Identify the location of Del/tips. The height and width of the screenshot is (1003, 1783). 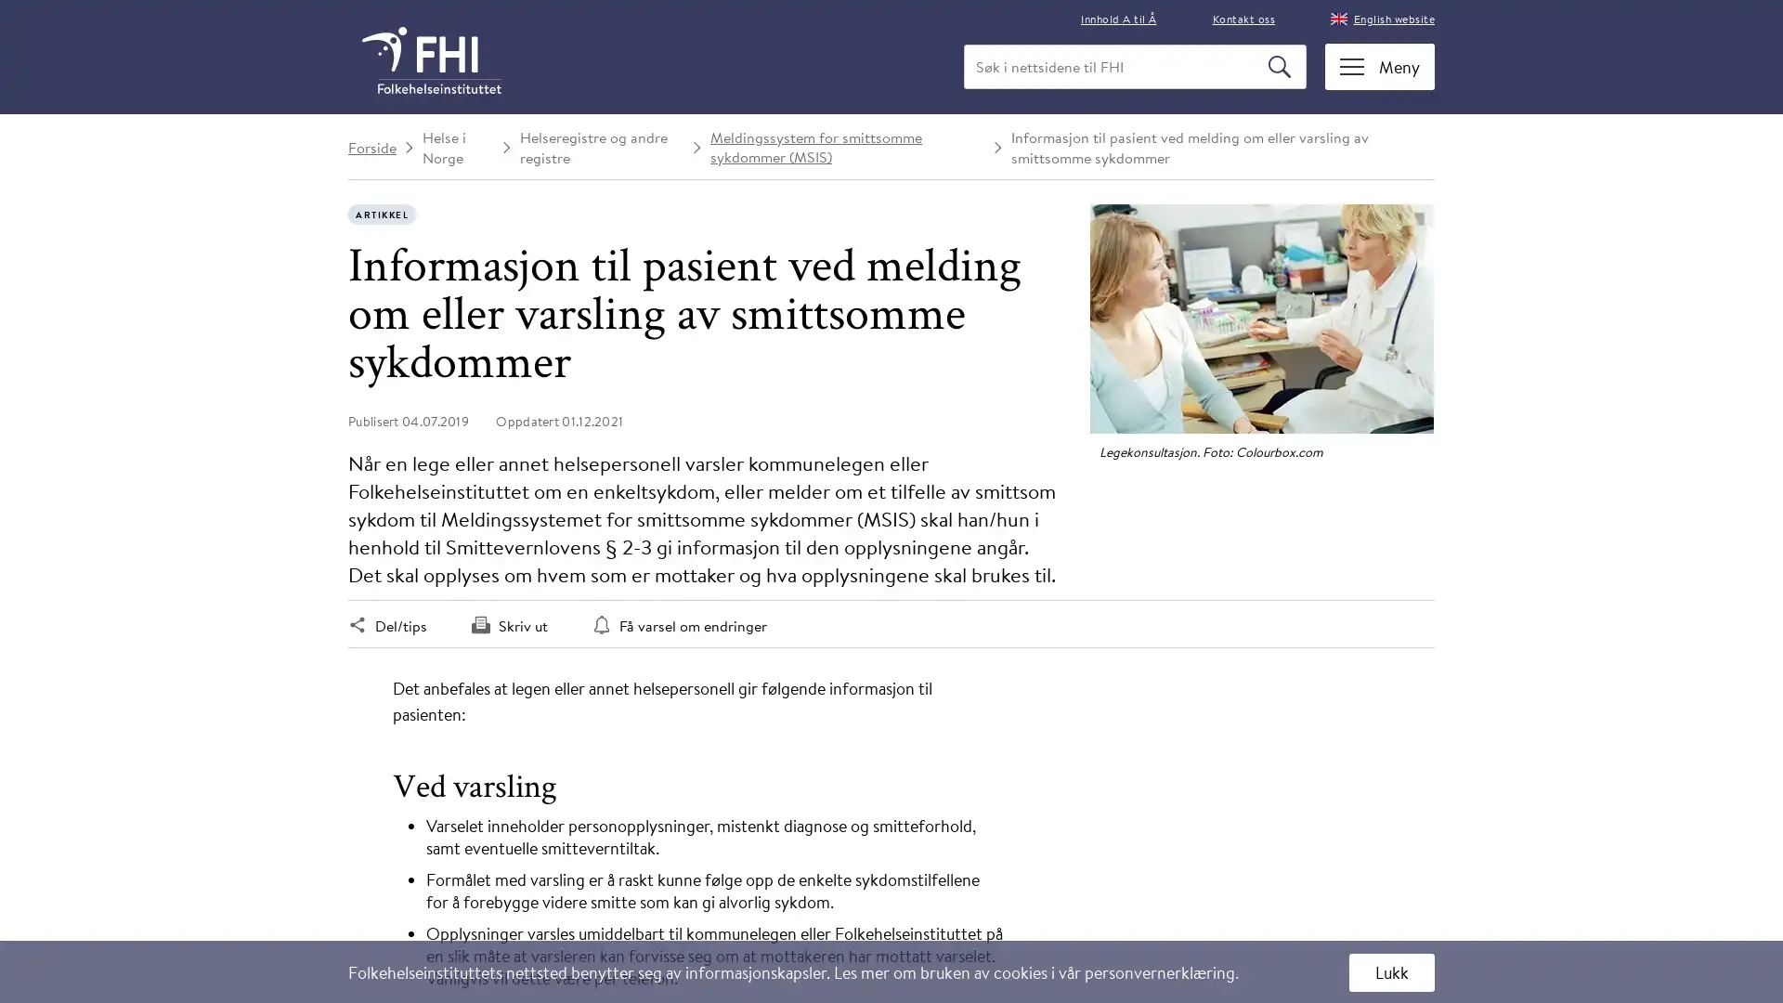
(386, 626).